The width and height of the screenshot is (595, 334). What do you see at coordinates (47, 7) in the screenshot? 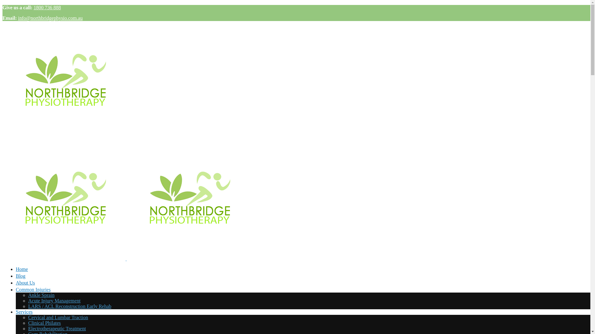
I see `'1800 736 888'` at bounding box center [47, 7].